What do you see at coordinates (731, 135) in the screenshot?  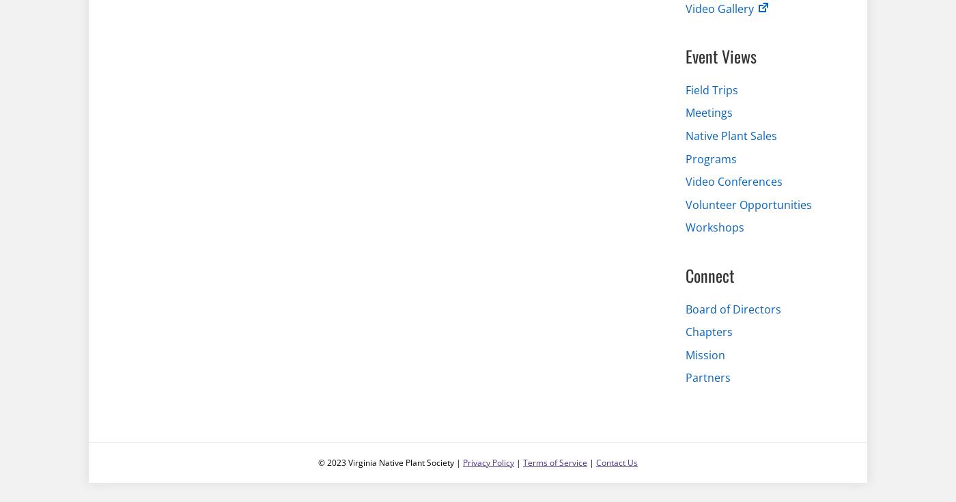 I see `'Native Plant Sales'` at bounding box center [731, 135].